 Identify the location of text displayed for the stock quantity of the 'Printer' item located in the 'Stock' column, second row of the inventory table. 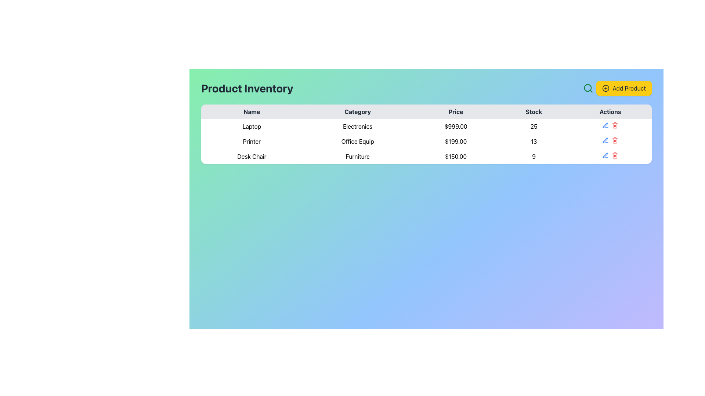
(534, 141).